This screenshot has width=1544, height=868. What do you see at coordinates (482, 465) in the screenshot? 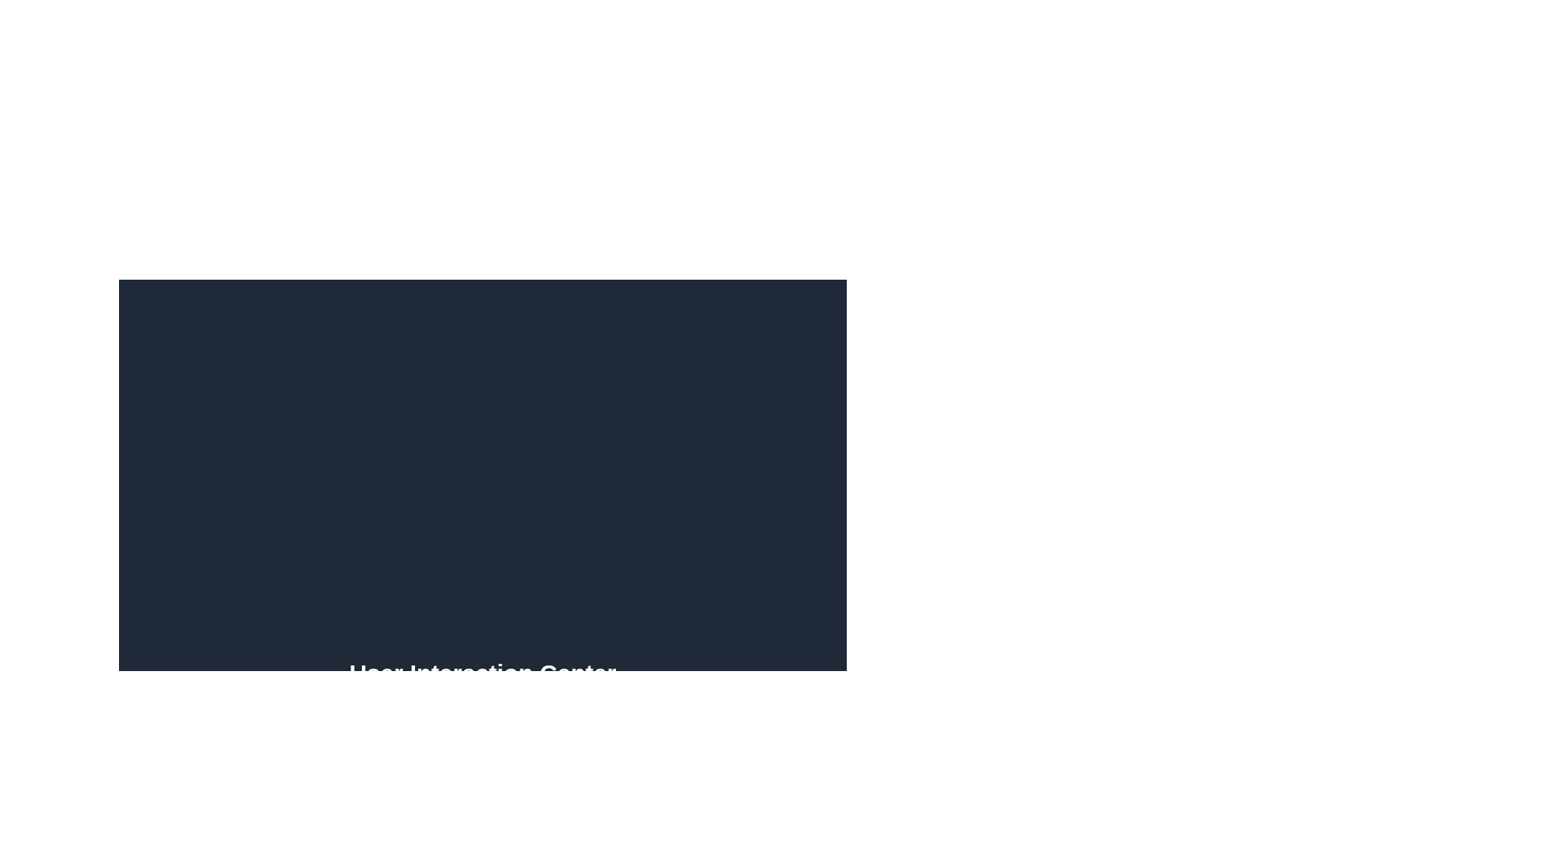
I see `the central interaction panel that contains settings for themes and notifications` at bounding box center [482, 465].